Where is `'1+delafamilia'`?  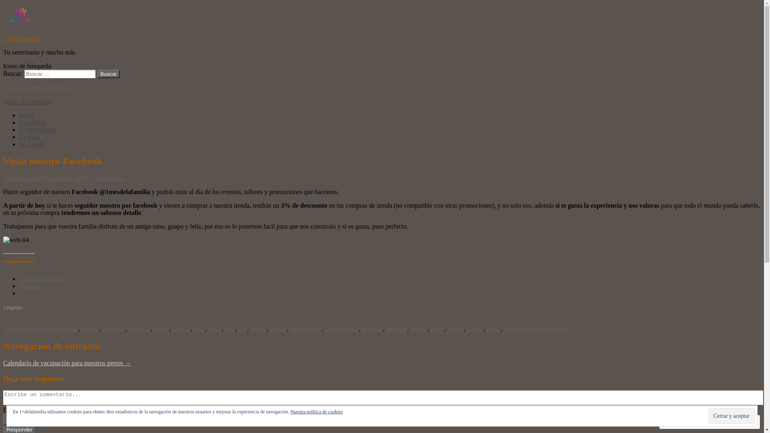 '1+delafamilia' is located at coordinates (105, 178).